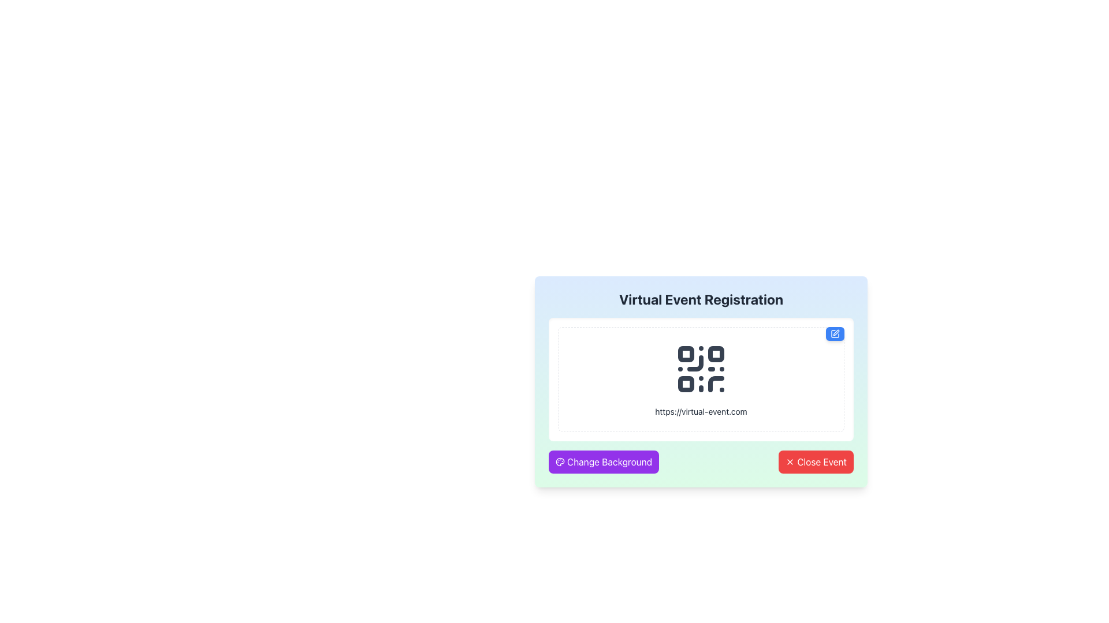  I want to click on the 'Edit' icon located at the top-right corner of the 'Virtual Event Registration' window to initiate editing, so click(835, 333).